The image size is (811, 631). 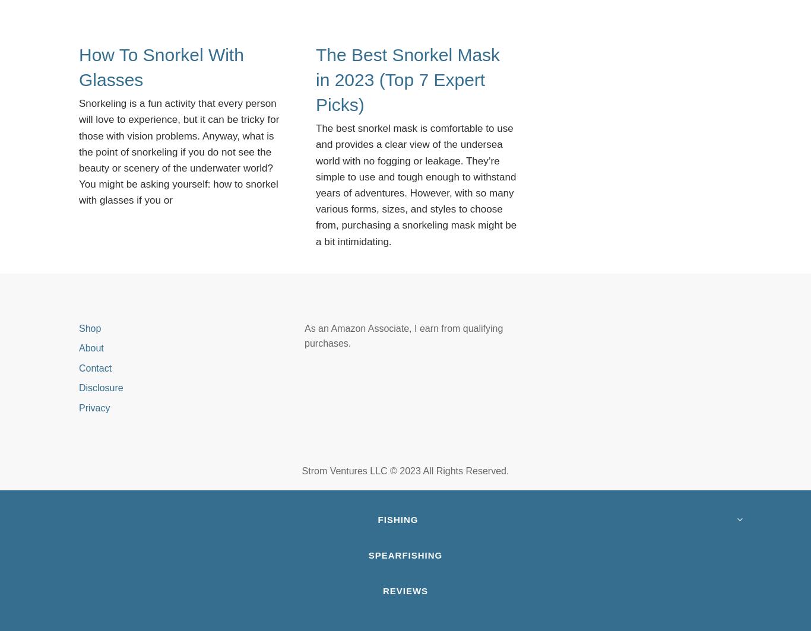 What do you see at coordinates (78, 327) in the screenshot?
I see `'Shop'` at bounding box center [78, 327].